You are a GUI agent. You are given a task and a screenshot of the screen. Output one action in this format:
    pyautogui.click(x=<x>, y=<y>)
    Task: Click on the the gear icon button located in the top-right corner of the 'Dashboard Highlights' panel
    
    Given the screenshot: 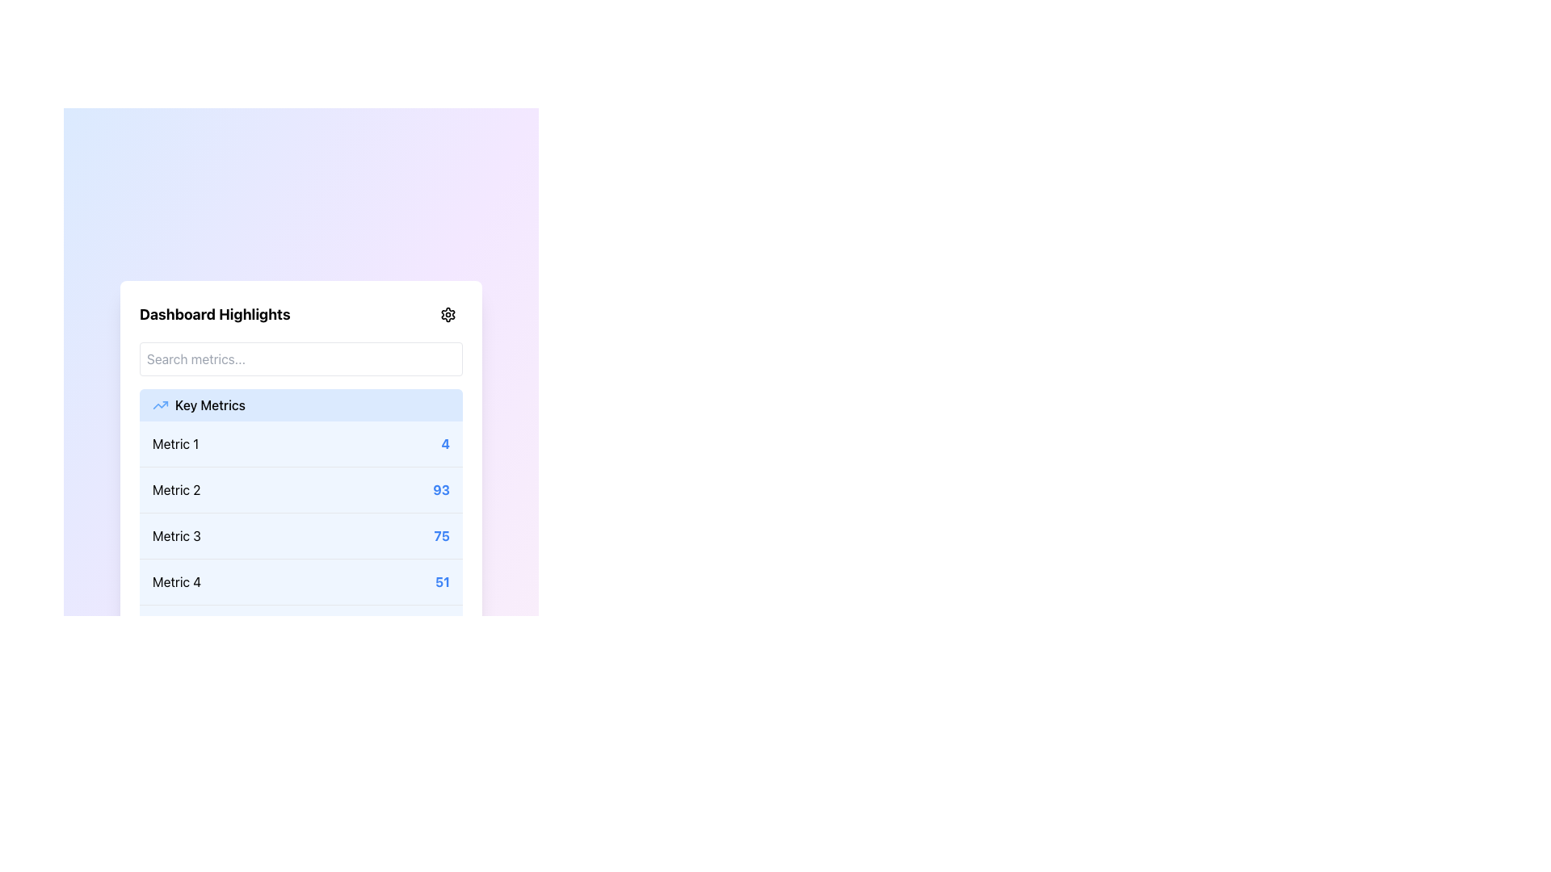 What is the action you would take?
    pyautogui.click(x=448, y=314)
    